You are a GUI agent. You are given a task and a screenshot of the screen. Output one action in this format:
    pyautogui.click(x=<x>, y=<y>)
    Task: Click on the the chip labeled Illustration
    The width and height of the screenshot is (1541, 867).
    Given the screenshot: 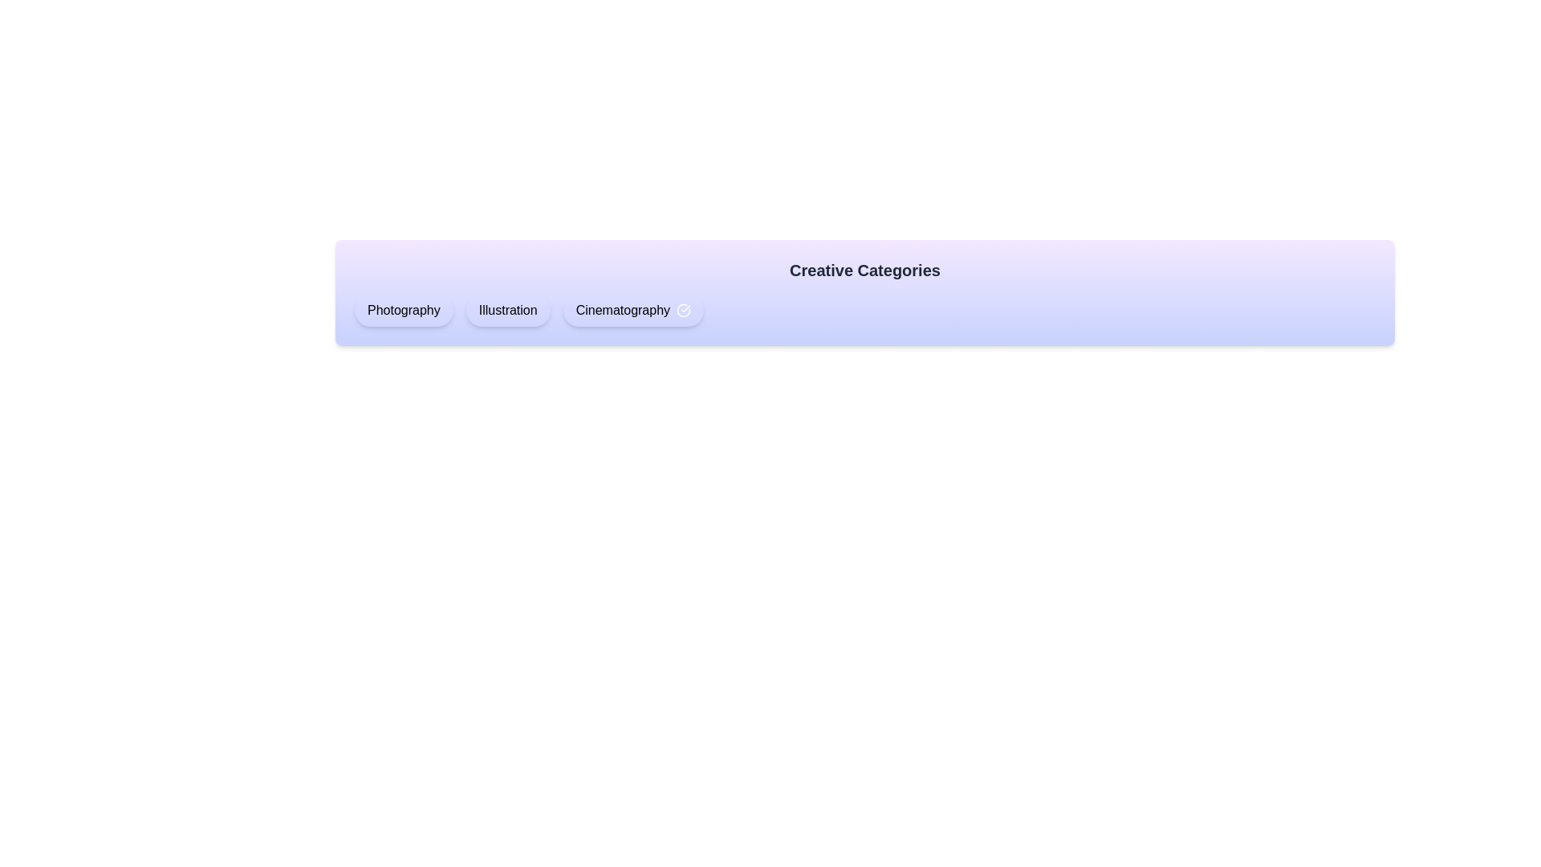 What is the action you would take?
    pyautogui.click(x=507, y=310)
    